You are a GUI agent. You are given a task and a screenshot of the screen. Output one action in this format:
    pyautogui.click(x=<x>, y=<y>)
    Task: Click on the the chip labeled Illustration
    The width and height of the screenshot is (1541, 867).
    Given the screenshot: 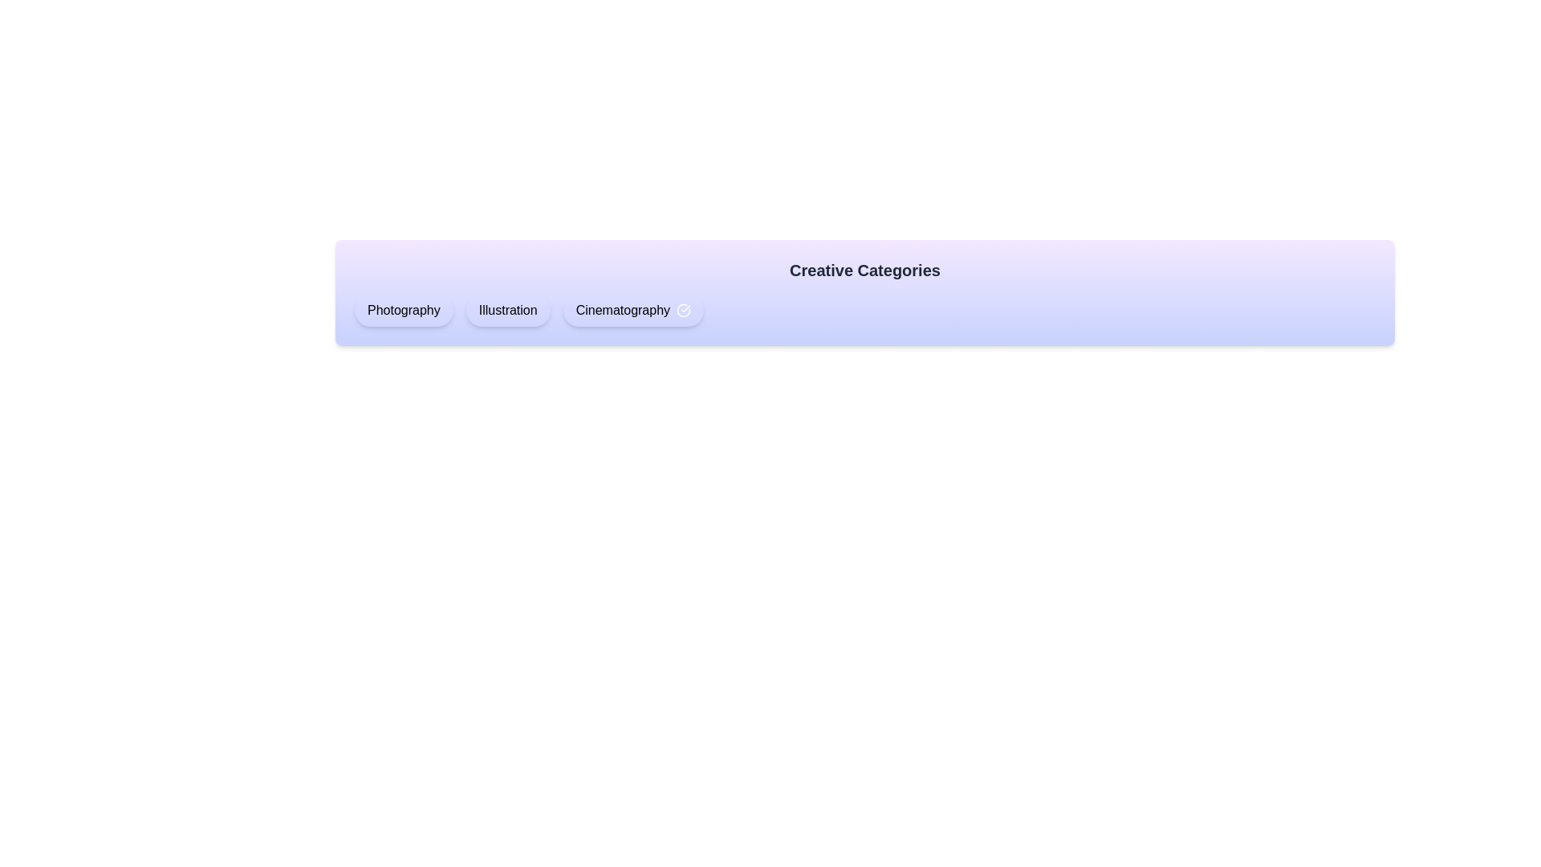 What is the action you would take?
    pyautogui.click(x=507, y=310)
    